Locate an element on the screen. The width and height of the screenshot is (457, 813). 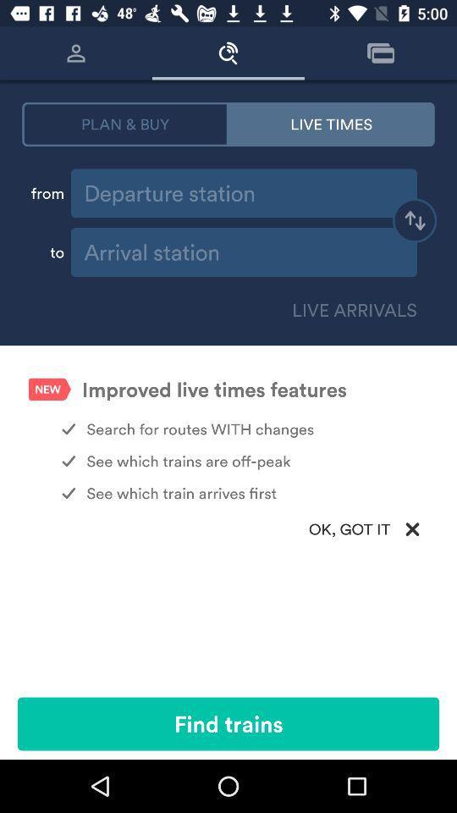
icon below ok, got it is located at coordinates (228, 722).